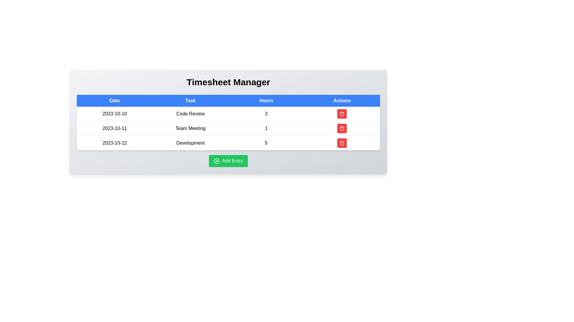 This screenshot has width=574, height=322. What do you see at coordinates (190, 143) in the screenshot?
I see `the table cell containing the word 'Development' which is centered in a clean, minimalistic style in the third row under the 'Task' column` at bounding box center [190, 143].